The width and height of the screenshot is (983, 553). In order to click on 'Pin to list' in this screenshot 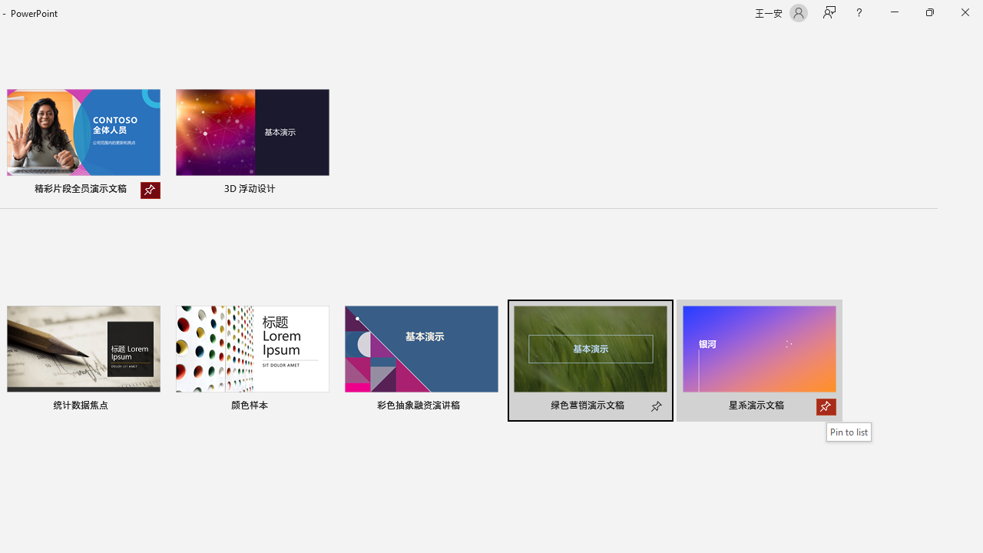, I will do `click(848, 432)`.